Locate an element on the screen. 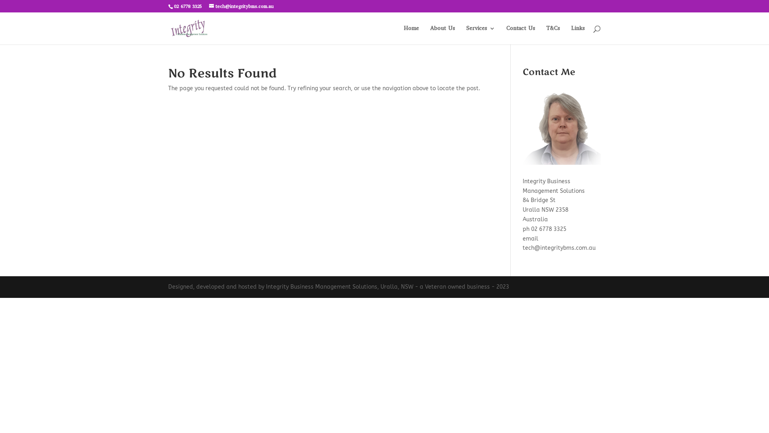 This screenshot has width=769, height=433. 'tech@integritybms.com.au' is located at coordinates (241, 6).